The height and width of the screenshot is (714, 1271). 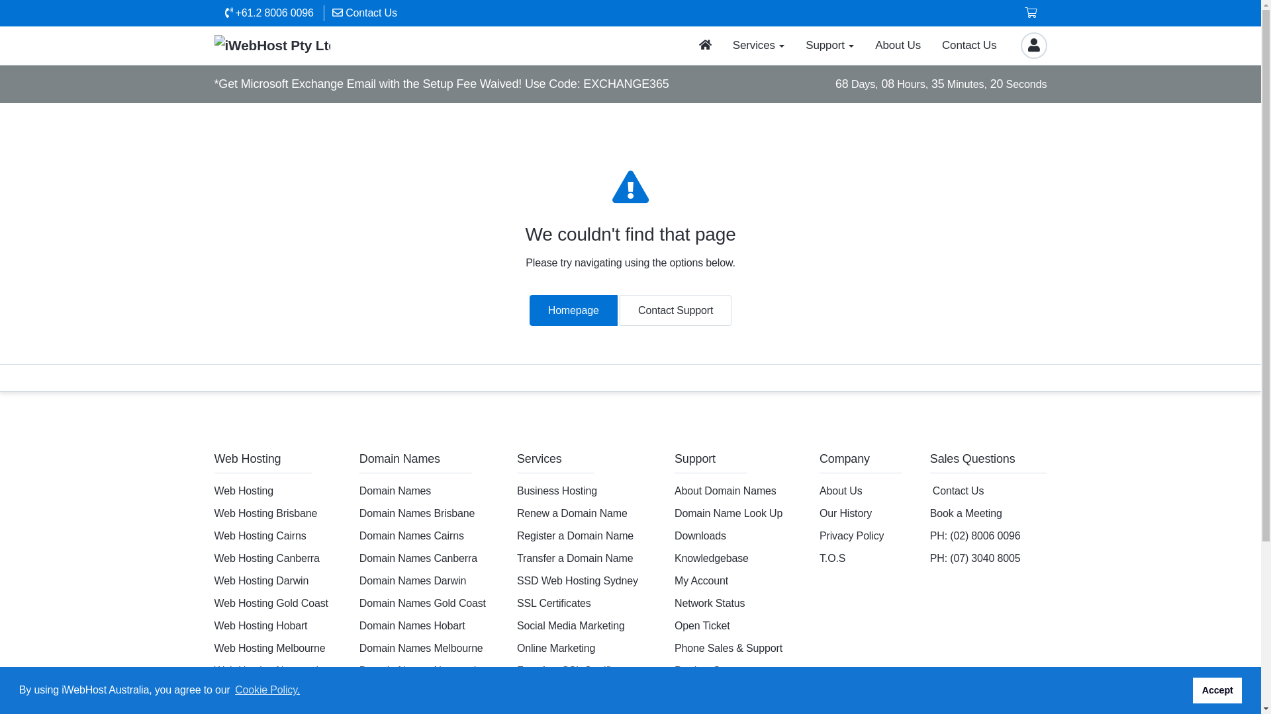 I want to click on 'Web Hosting Gold Coast', so click(x=270, y=603).